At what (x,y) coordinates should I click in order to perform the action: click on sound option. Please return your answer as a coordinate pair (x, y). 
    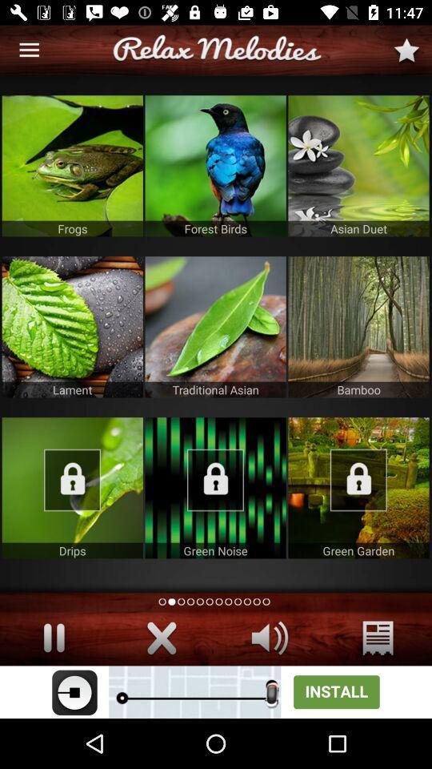
    Looking at the image, I should click on (270, 638).